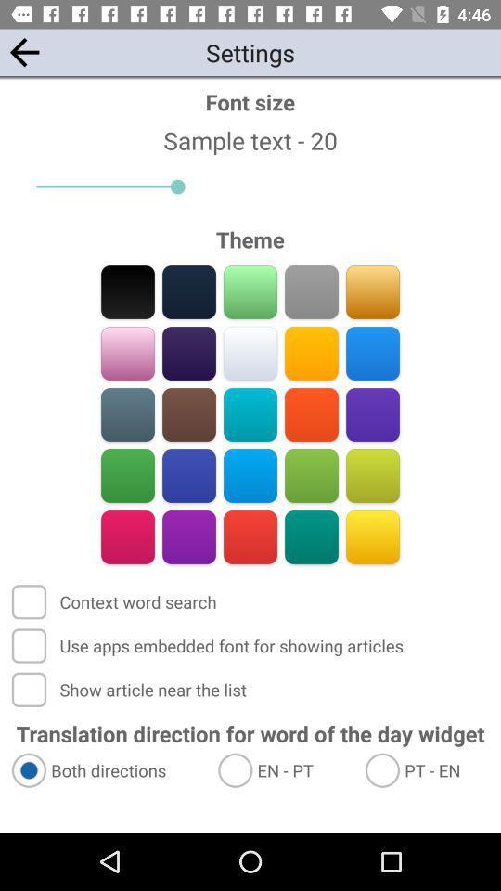 The image size is (501, 891). What do you see at coordinates (372, 414) in the screenshot?
I see `switch violet color` at bounding box center [372, 414].